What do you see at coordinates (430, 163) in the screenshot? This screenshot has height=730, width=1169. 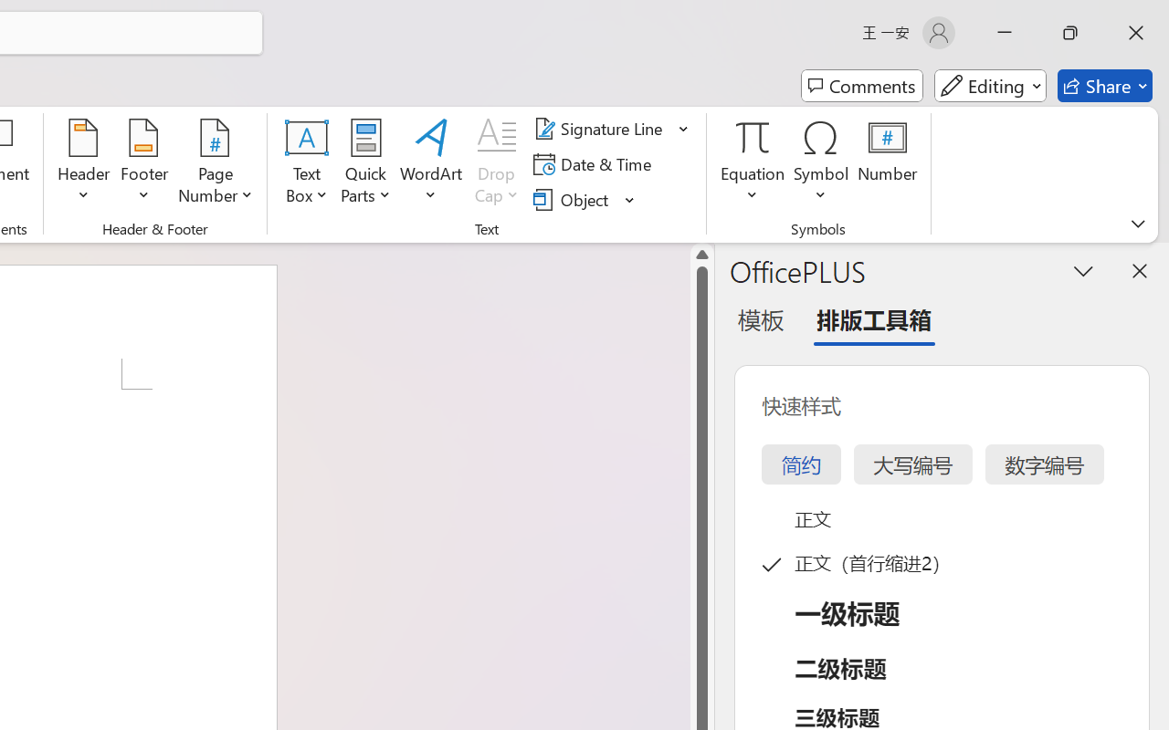 I see `'WordArt'` at bounding box center [430, 163].